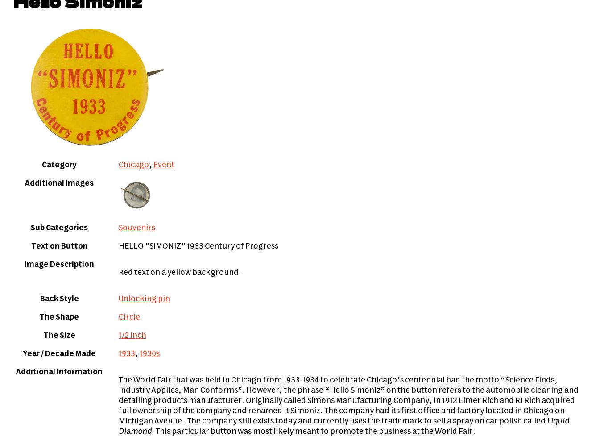 This screenshot has width=612, height=444. What do you see at coordinates (59, 299) in the screenshot?
I see `'Back Style'` at bounding box center [59, 299].